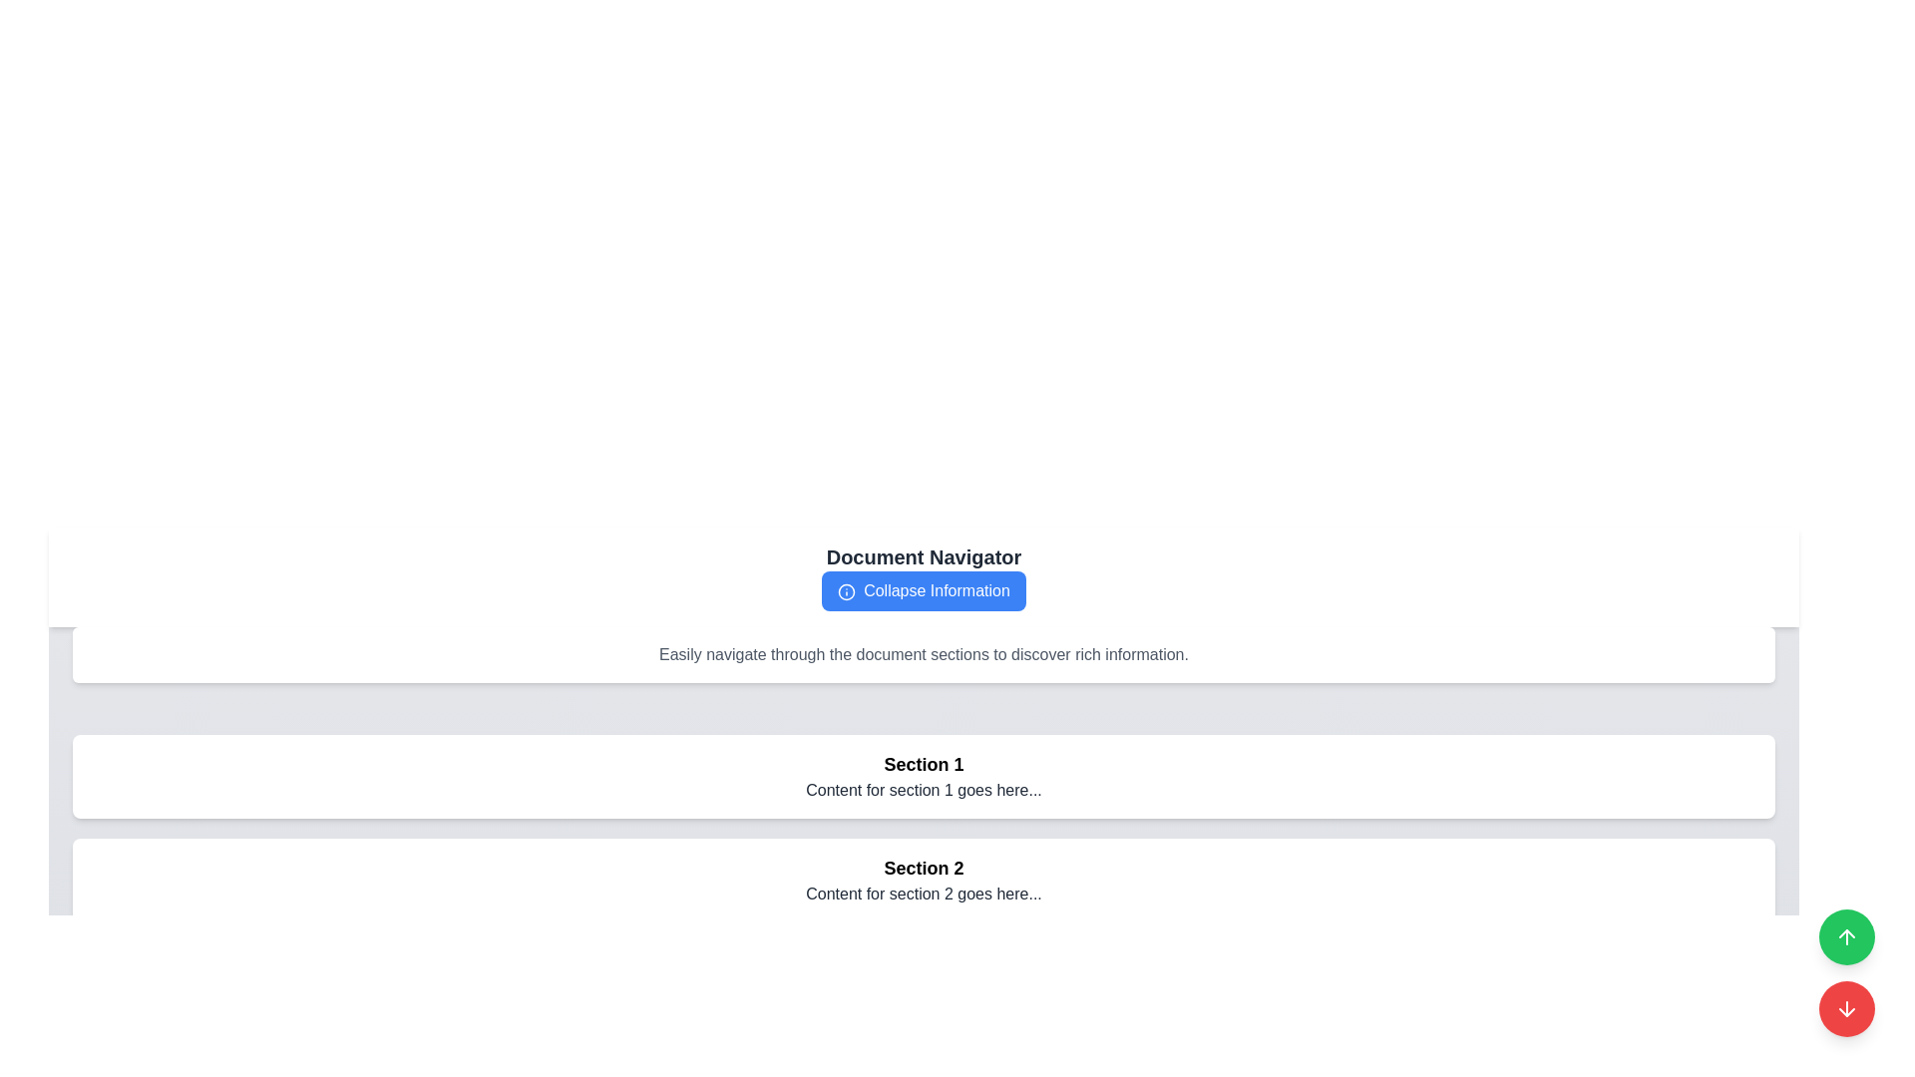 The height and width of the screenshot is (1077, 1915). What do you see at coordinates (923, 590) in the screenshot?
I see `the button located below the 'Document Navigator' heading` at bounding box center [923, 590].